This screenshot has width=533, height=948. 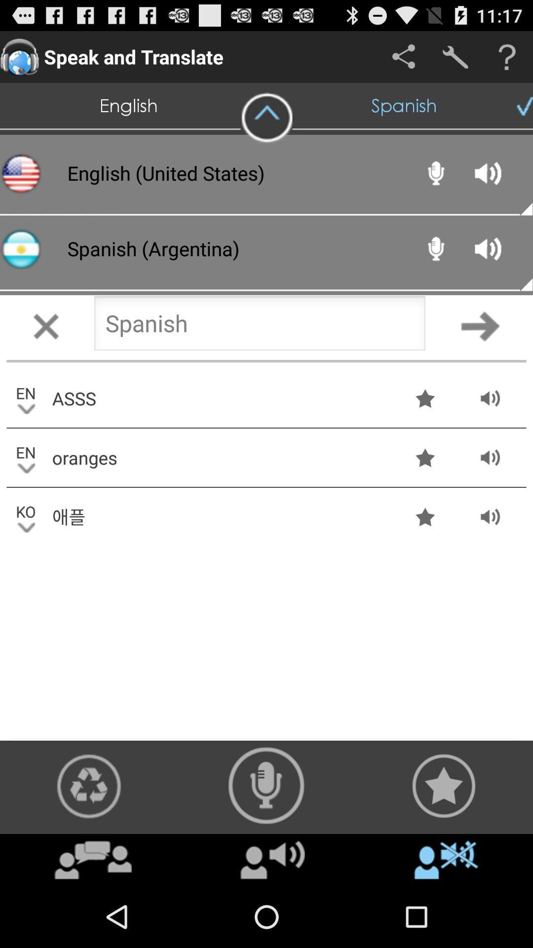 What do you see at coordinates (507, 56) in the screenshot?
I see `find more information` at bounding box center [507, 56].